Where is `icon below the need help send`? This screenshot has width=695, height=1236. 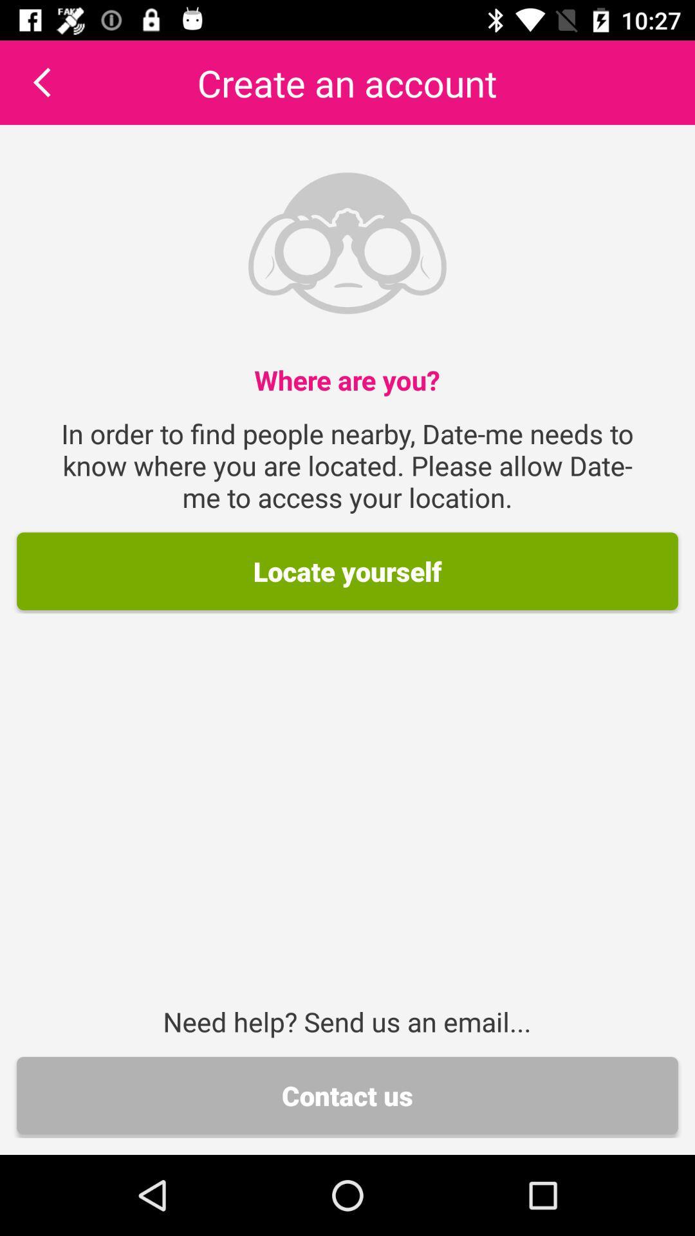
icon below the need help send is located at coordinates (347, 1095).